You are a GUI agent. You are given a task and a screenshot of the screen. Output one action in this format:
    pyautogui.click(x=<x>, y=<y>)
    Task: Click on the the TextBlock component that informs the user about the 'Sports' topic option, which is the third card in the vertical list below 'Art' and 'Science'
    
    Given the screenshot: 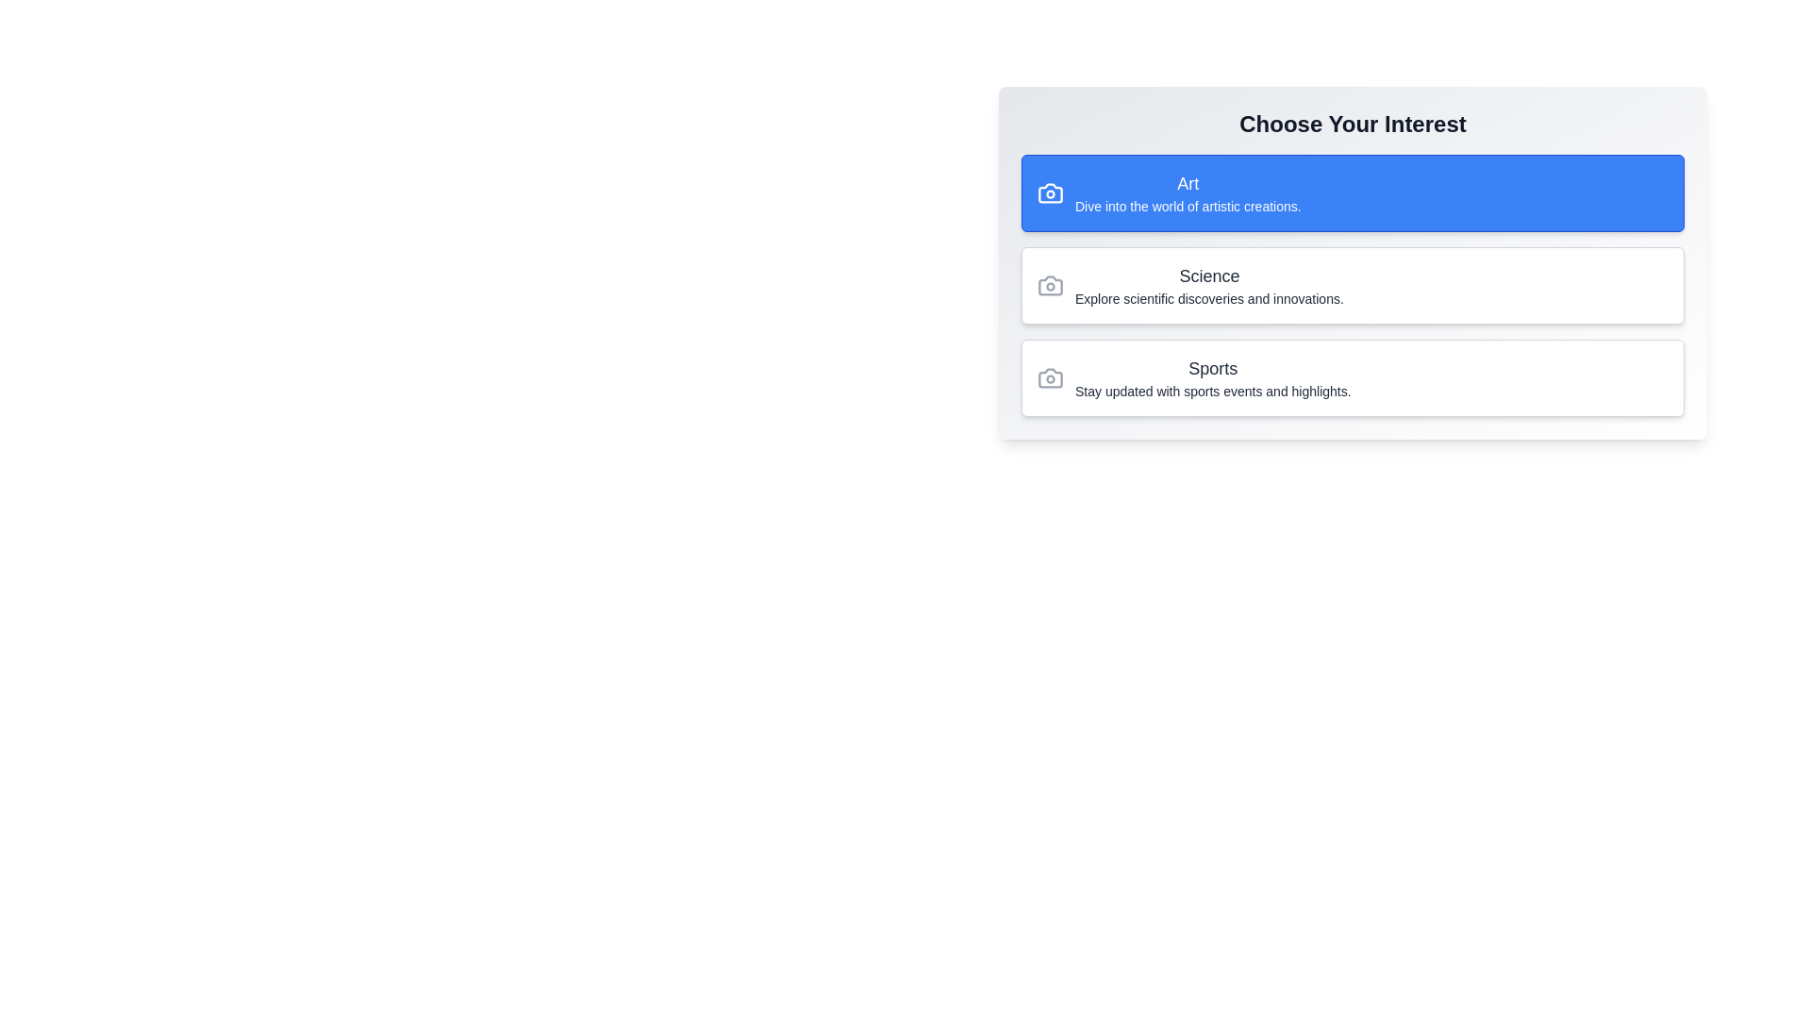 What is the action you would take?
    pyautogui.click(x=1213, y=378)
    